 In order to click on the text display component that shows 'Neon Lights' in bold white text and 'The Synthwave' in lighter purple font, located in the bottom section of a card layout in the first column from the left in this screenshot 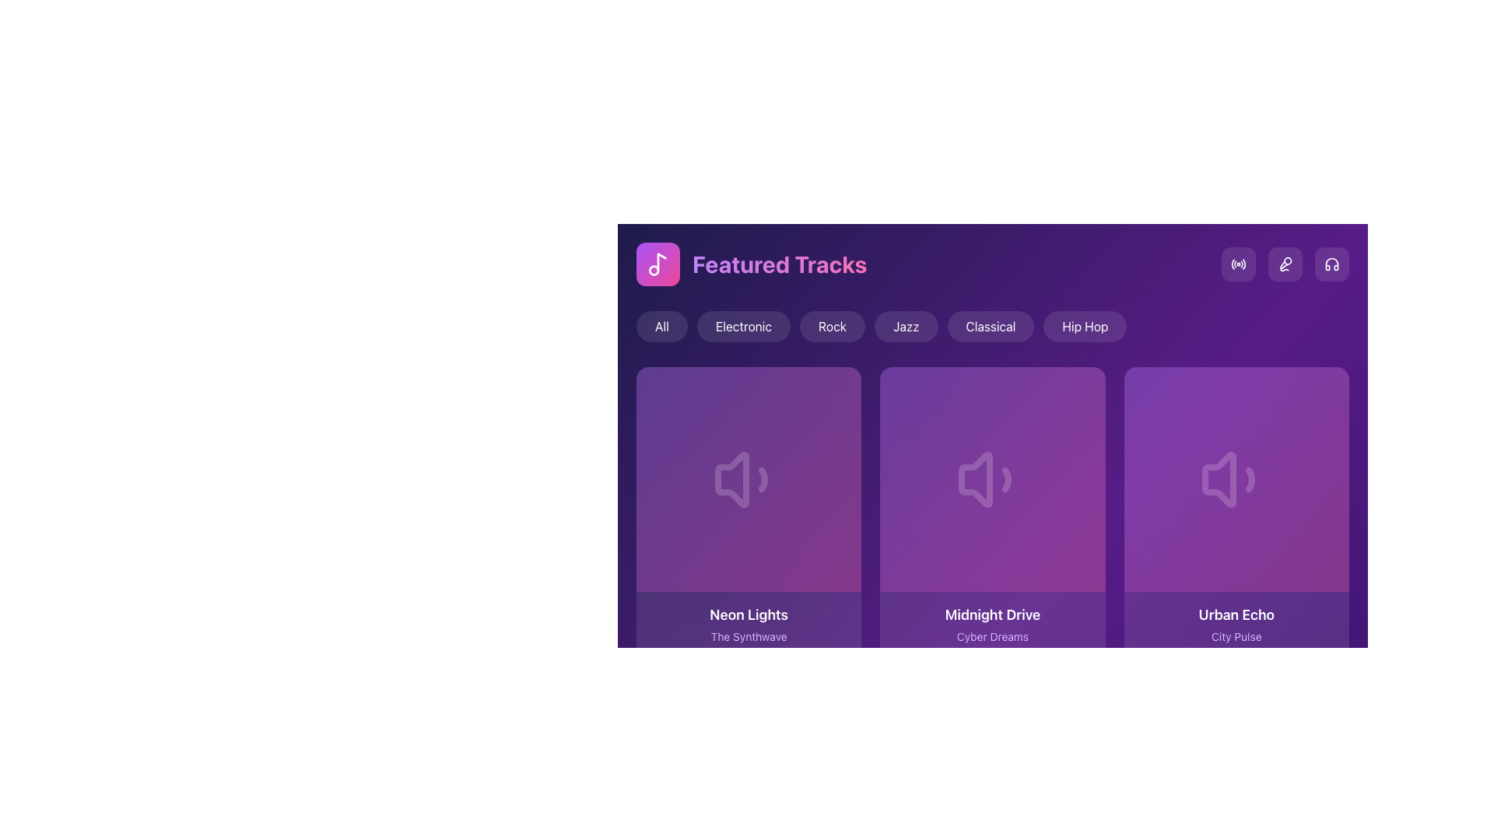, I will do `click(749, 639)`.